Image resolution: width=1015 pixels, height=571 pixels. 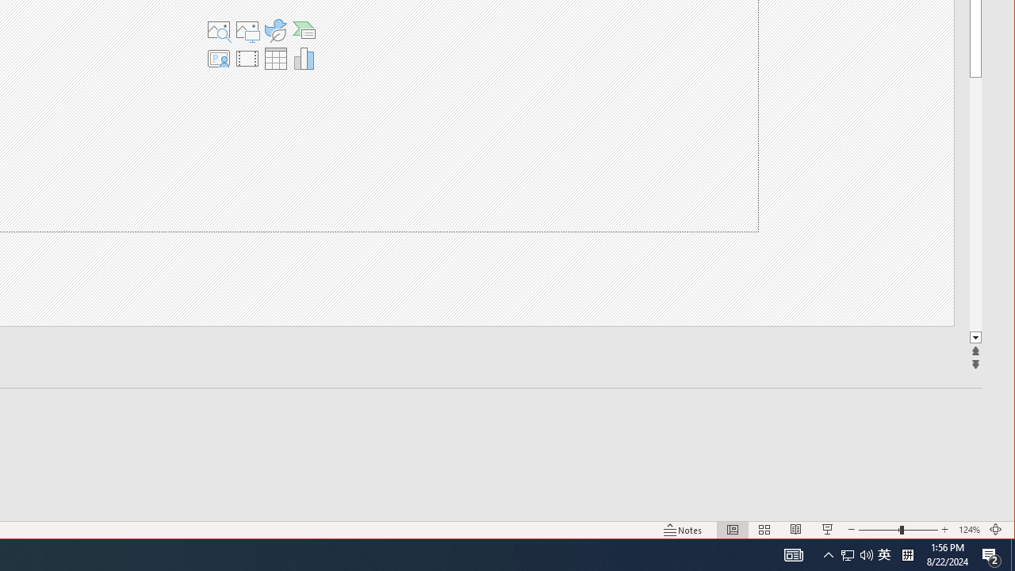 What do you see at coordinates (275, 58) in the screenshot?
I see `'Insert Table'` at bounding box center [275, 58].